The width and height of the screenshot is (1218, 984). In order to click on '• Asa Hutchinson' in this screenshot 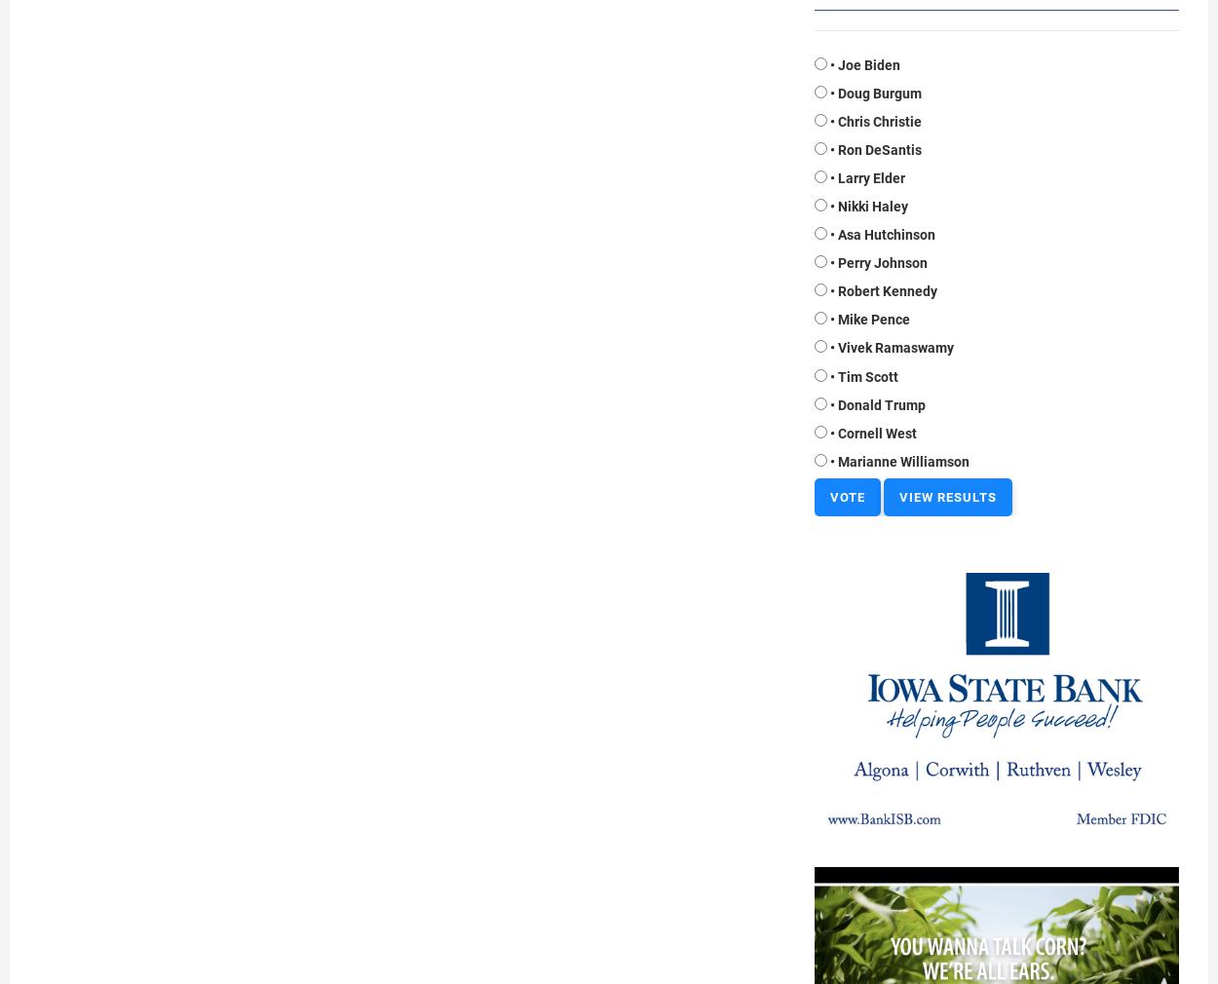, I will do `click(829, 233)`.